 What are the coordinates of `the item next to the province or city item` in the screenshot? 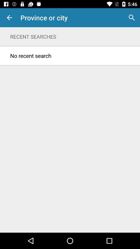 It's located at (9, 18).